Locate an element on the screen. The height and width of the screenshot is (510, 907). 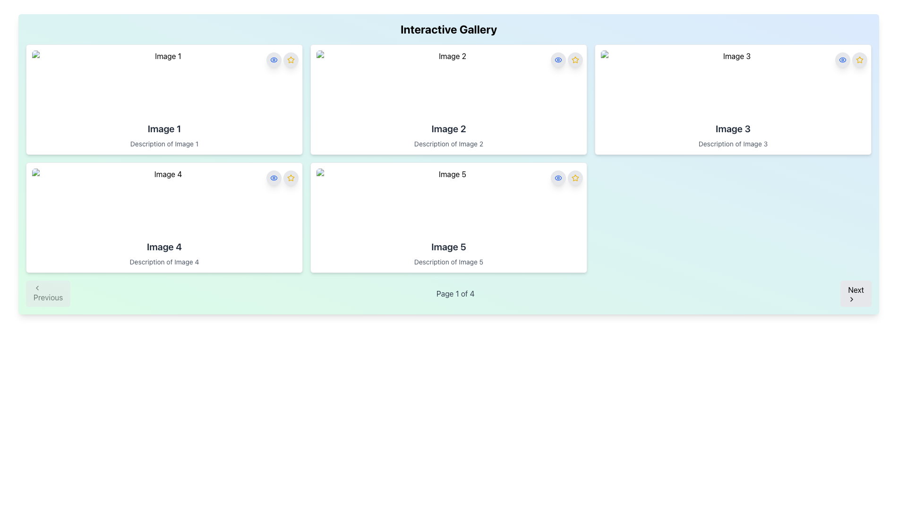
the text label displaying 'Description of Image 2' located beneath the title 'Image 2' within the second card of a grid layout is located at coordinates (448, 144).